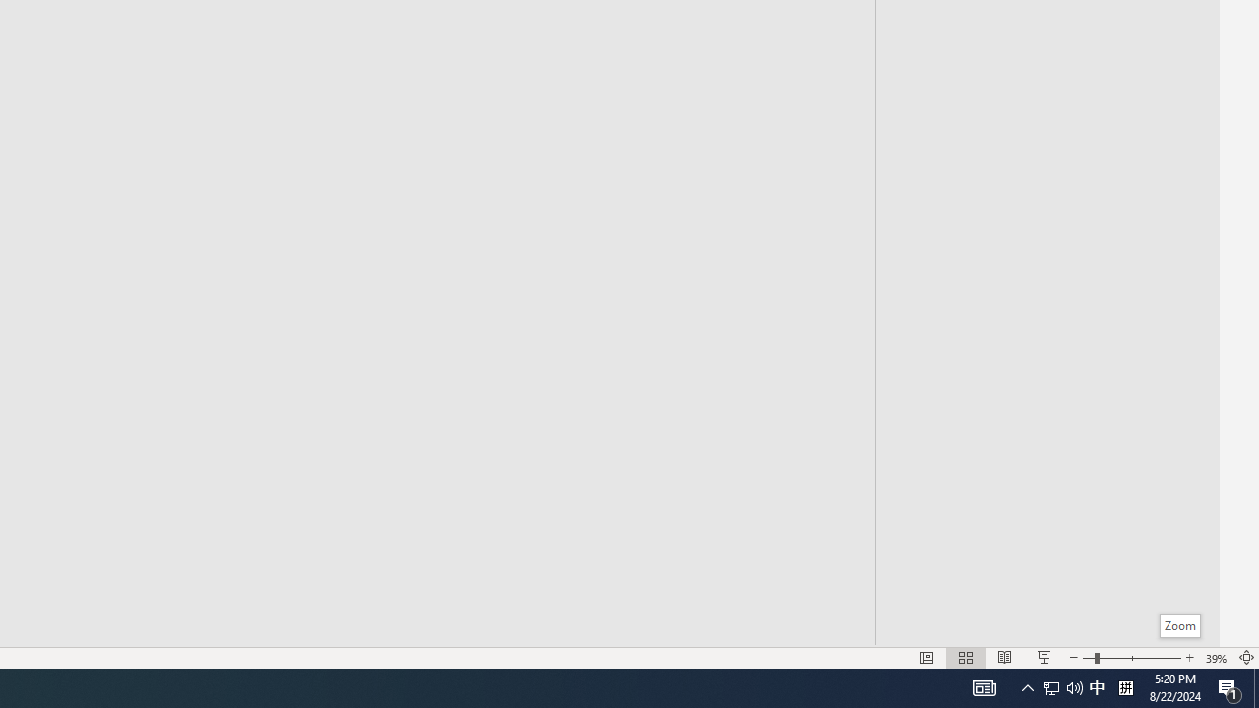  Describe the element at coordinates (1216, 658) in the screenshot. I see `'Zoom 39%'` at that location.